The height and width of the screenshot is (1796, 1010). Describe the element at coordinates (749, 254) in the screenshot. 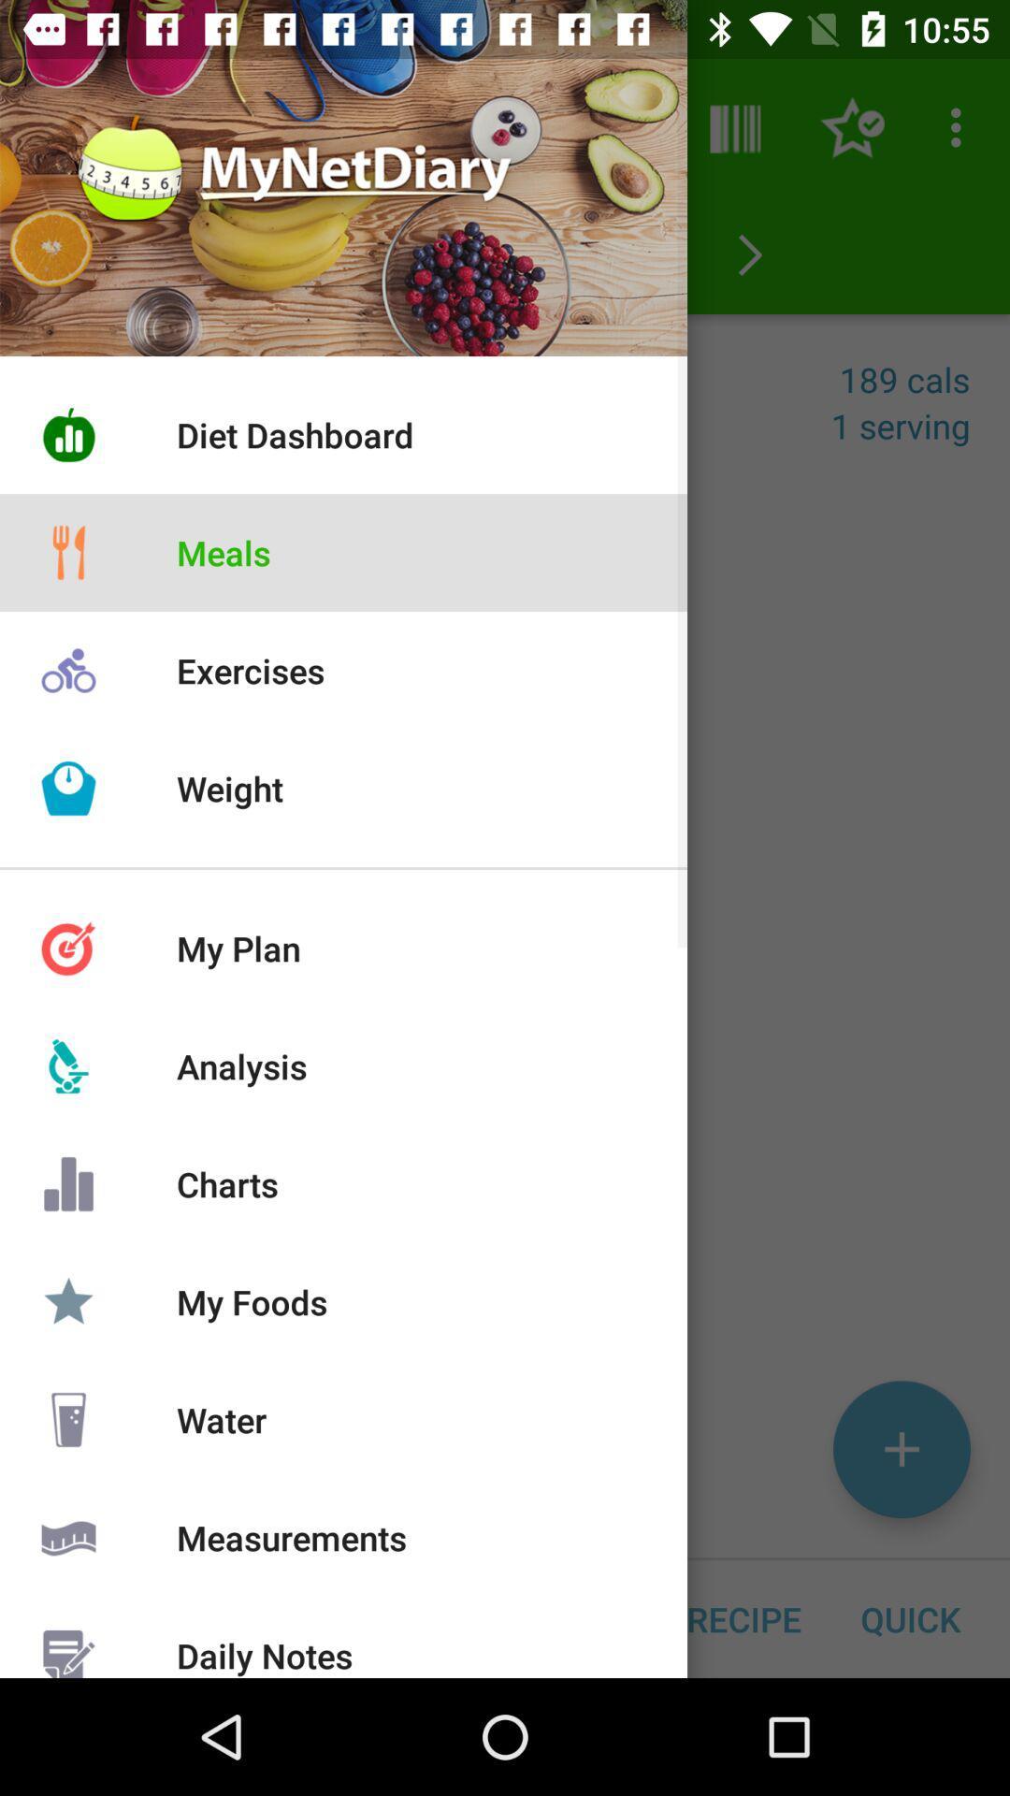

I see `the arrow_forward icon` at that location.